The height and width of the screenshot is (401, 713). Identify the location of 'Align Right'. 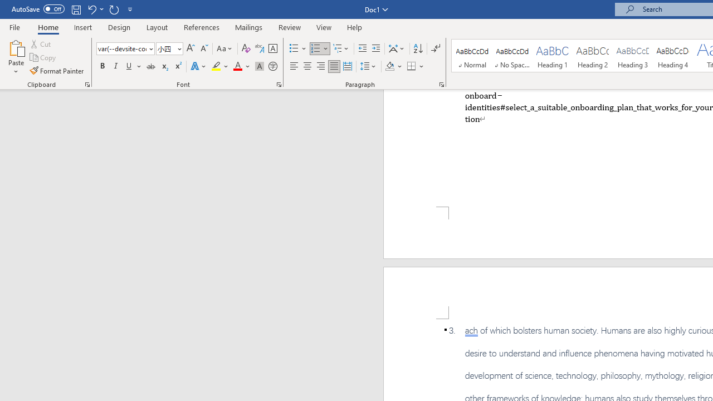
(320, 66).